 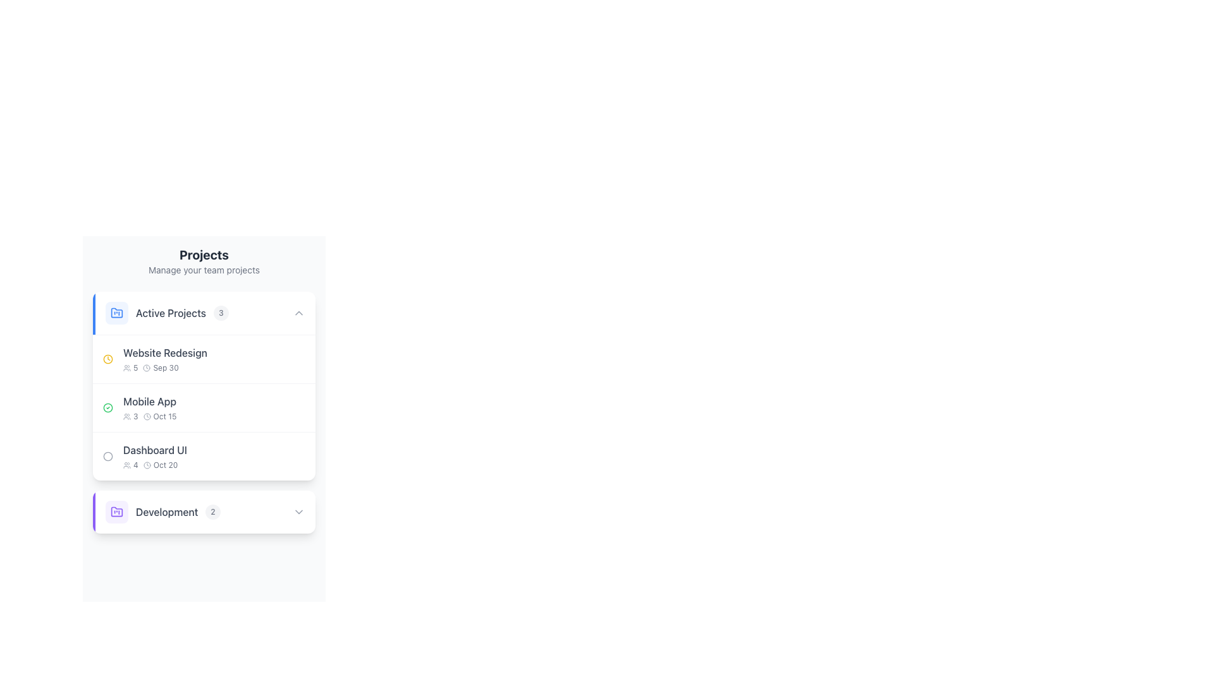 What do you see at coordinates (287, 456) in the screenshot?
I see `the interactive component with circular and star icons located at the right side of the 'Dashboard UI 4 Oct 20' list entry` at bounding box center [287, 456].